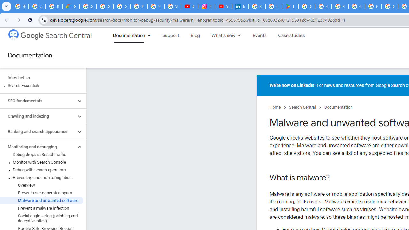 This screenshot has height=230, width=409. I want to click on 'Home', so click(275, 107).